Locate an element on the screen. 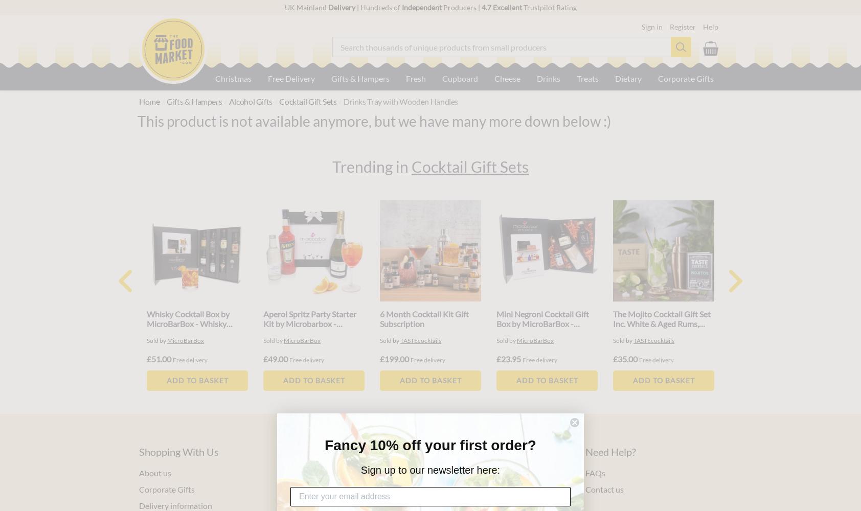 The height and width of the screenshot is (511, 861). '4.7 Excellent' is located at coordinates (481, 7).